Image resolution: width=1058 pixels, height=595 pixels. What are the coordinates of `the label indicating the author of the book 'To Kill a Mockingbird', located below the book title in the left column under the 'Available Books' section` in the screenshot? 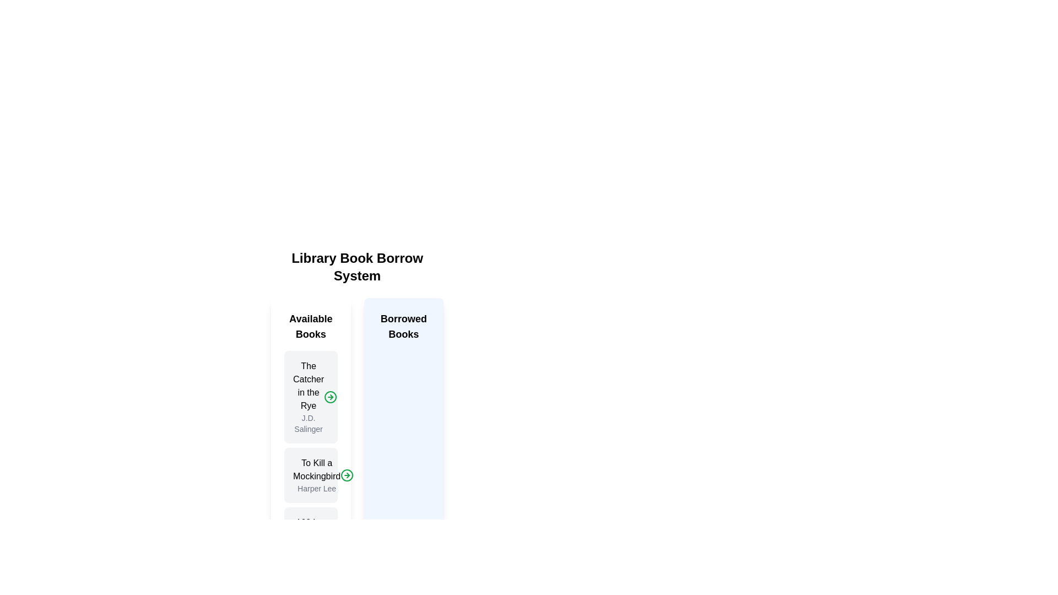 It's located at (316, 488).